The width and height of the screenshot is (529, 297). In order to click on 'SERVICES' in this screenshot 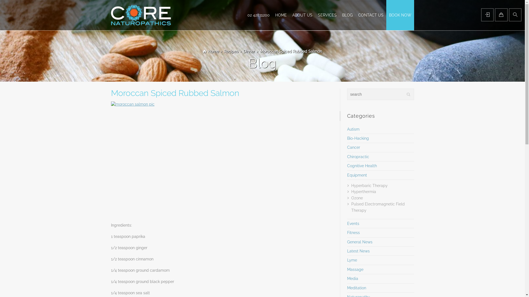, I will do `click(327, 15)`.